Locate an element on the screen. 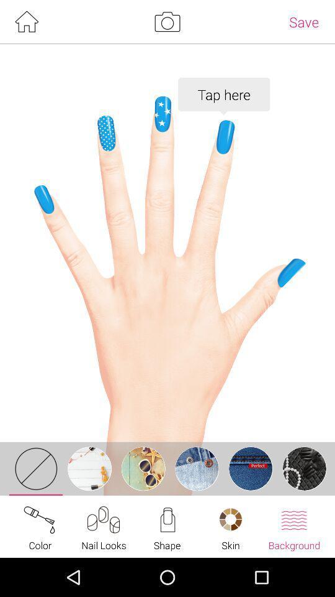 The image size is (335, 597). the fourth icon which is on the grey bar is located at coordinates (197, 468).